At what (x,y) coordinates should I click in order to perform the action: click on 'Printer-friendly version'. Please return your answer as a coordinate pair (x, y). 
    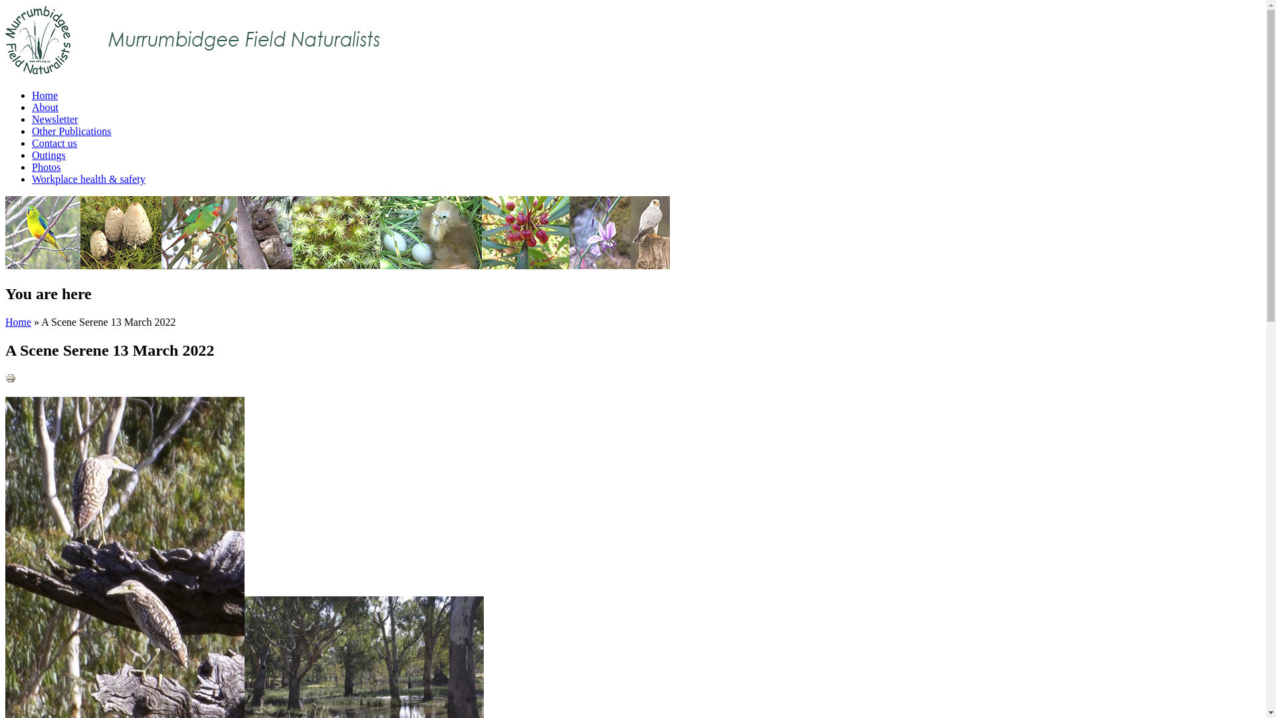
    Looking at the image, I should click on (5, 378).